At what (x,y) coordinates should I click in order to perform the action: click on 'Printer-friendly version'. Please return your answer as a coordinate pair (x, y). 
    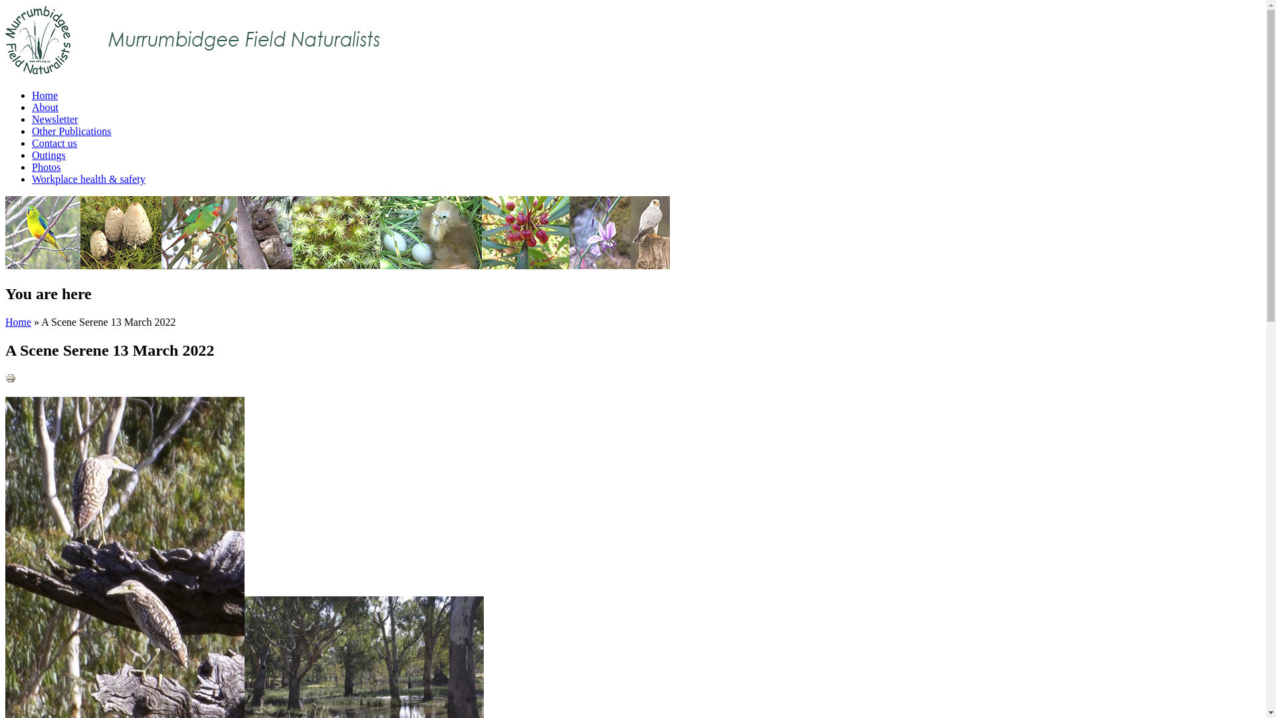
    Looking at the image, I should click on (5, 378).